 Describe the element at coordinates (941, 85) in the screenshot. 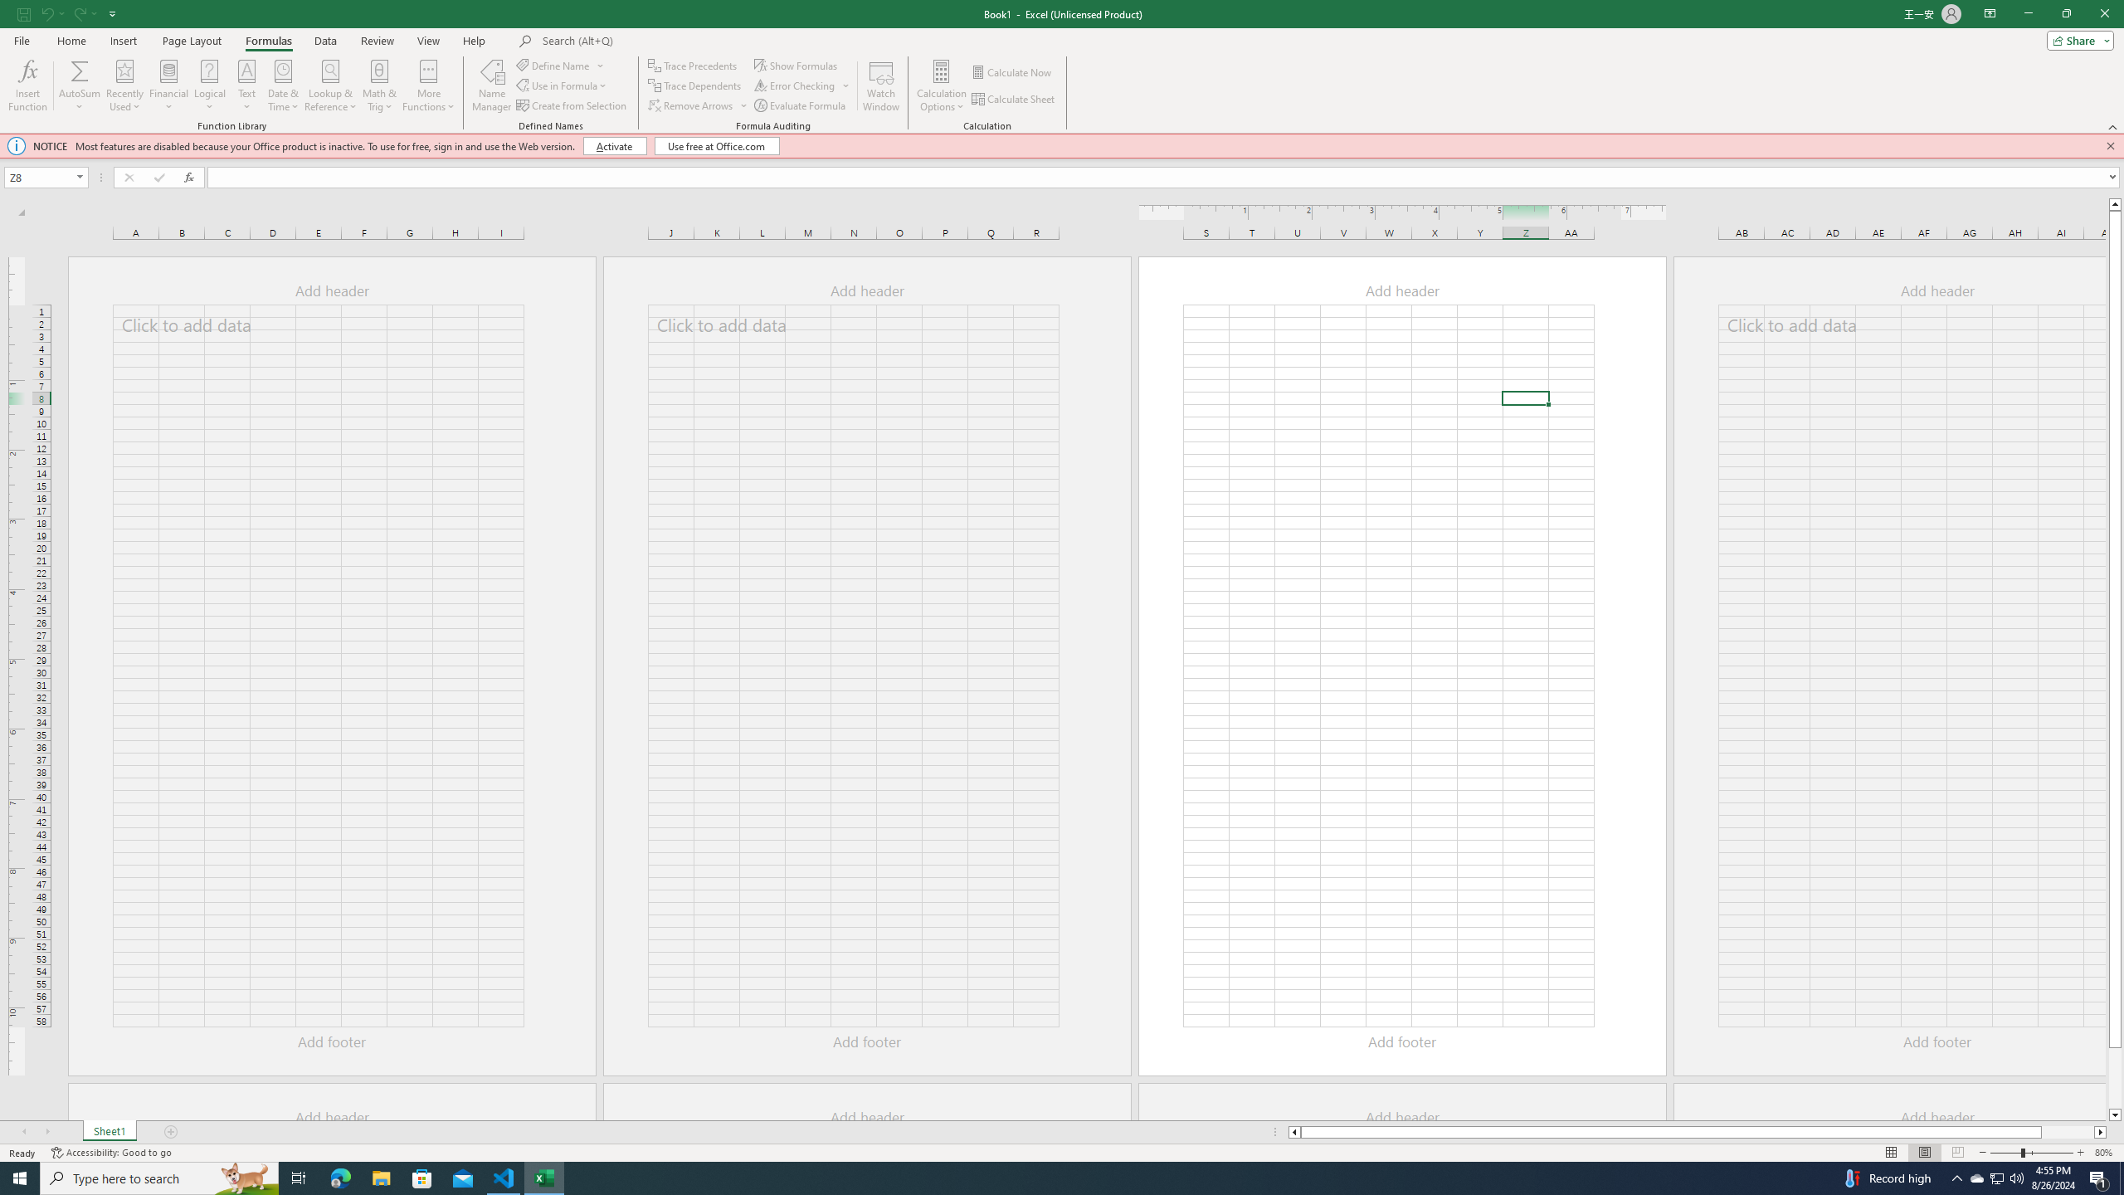

I see `'Calculation Options'` at that location.